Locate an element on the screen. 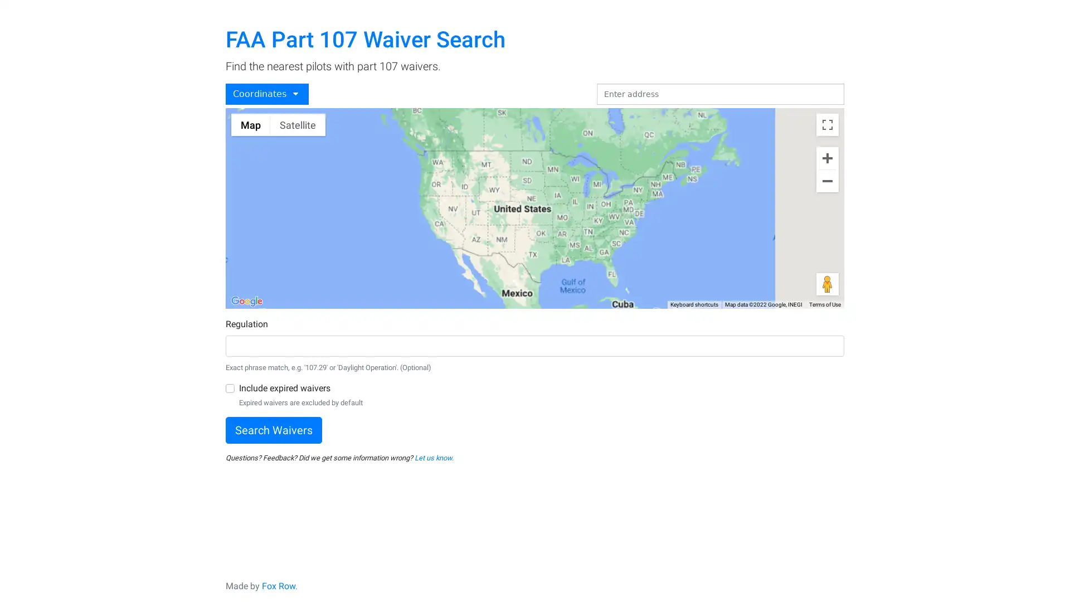 This screenshot has width=1070, height=602. Search Waivers is located at coordinates (274, 429).